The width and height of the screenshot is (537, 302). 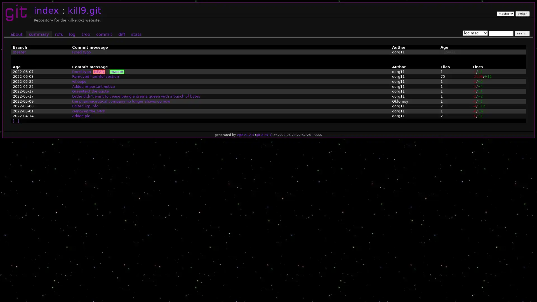 What do you see at coordinates (522, 33) in the screenshot?
I see `search` at bounding box center [522, 33].